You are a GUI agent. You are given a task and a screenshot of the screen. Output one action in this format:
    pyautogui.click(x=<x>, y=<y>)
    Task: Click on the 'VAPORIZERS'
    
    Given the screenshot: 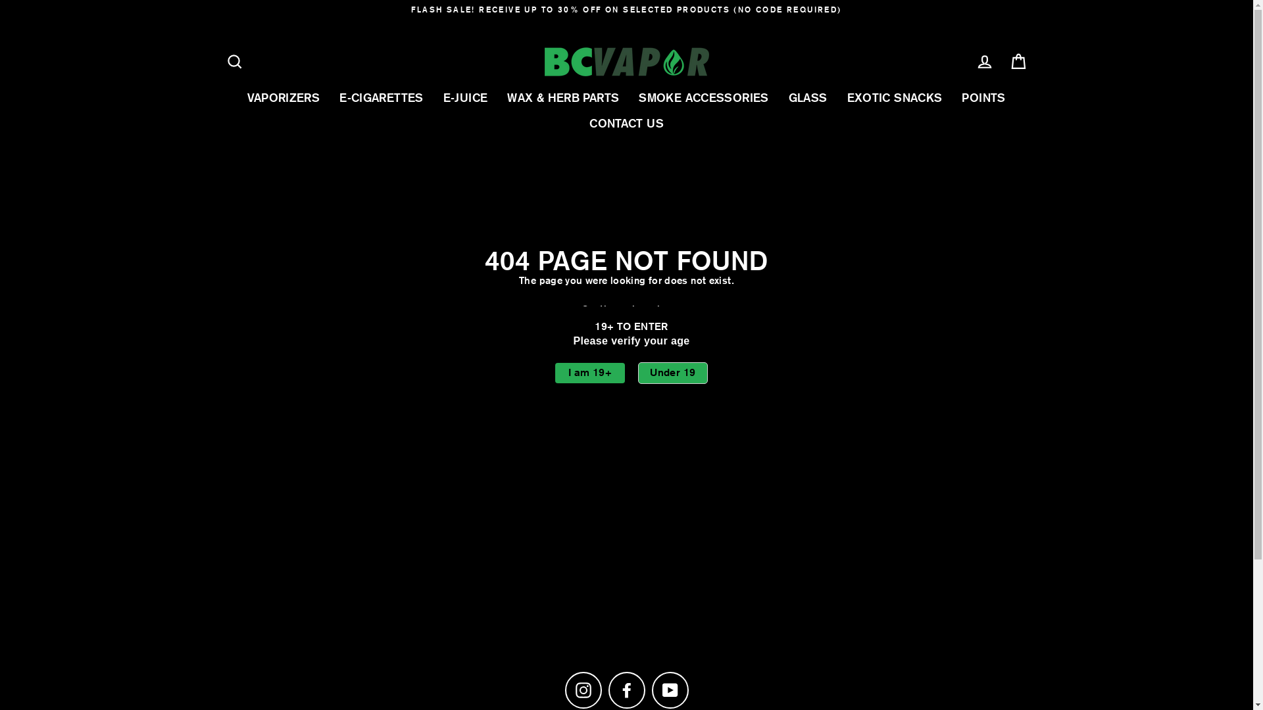 What is the action you would take?
    pyautogui.click(x=283, y=97)
    